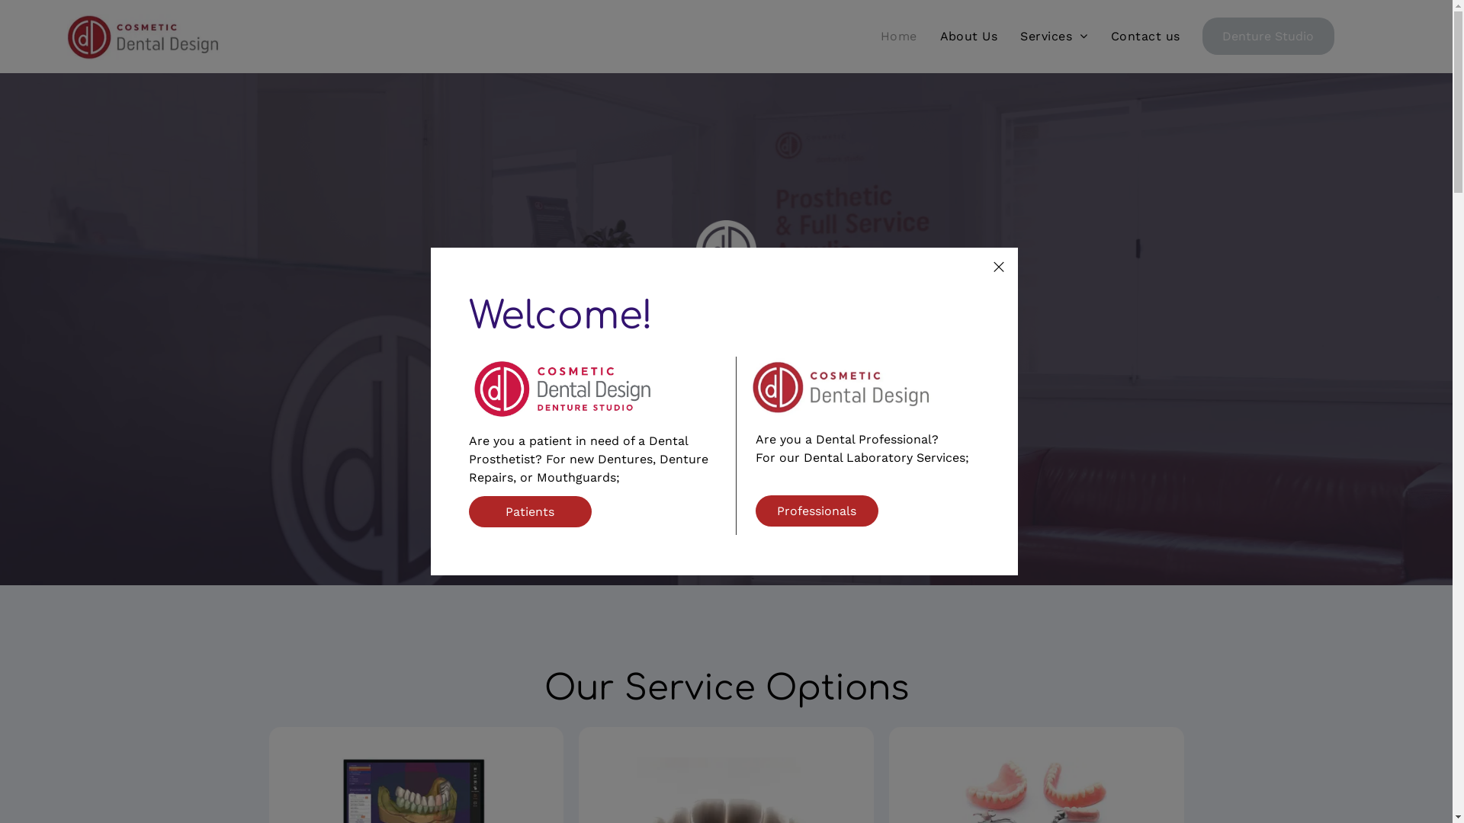 This screenshot has width=1464, height=823. I want to click on 'Services', so click(1009, 35).